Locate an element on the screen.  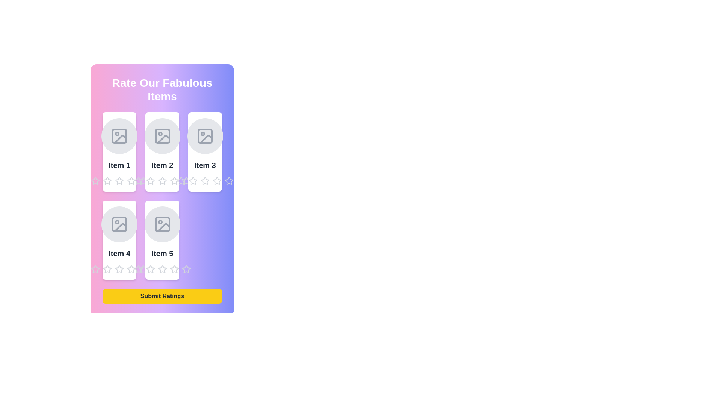
the image placeholder for Item 4 is located at coordinates (119, 224).